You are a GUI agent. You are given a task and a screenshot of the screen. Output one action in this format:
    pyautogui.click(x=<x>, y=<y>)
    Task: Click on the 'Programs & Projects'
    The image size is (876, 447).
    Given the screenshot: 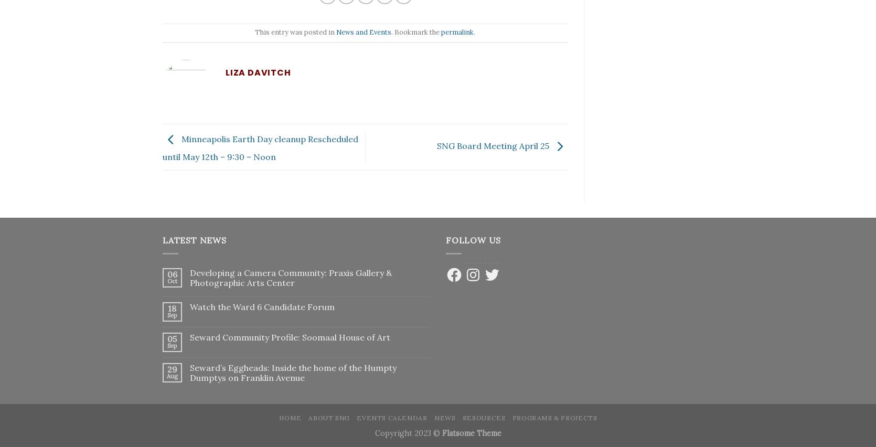 What is the action you would take?
    pyautogui.click(x=554, y=417)
    